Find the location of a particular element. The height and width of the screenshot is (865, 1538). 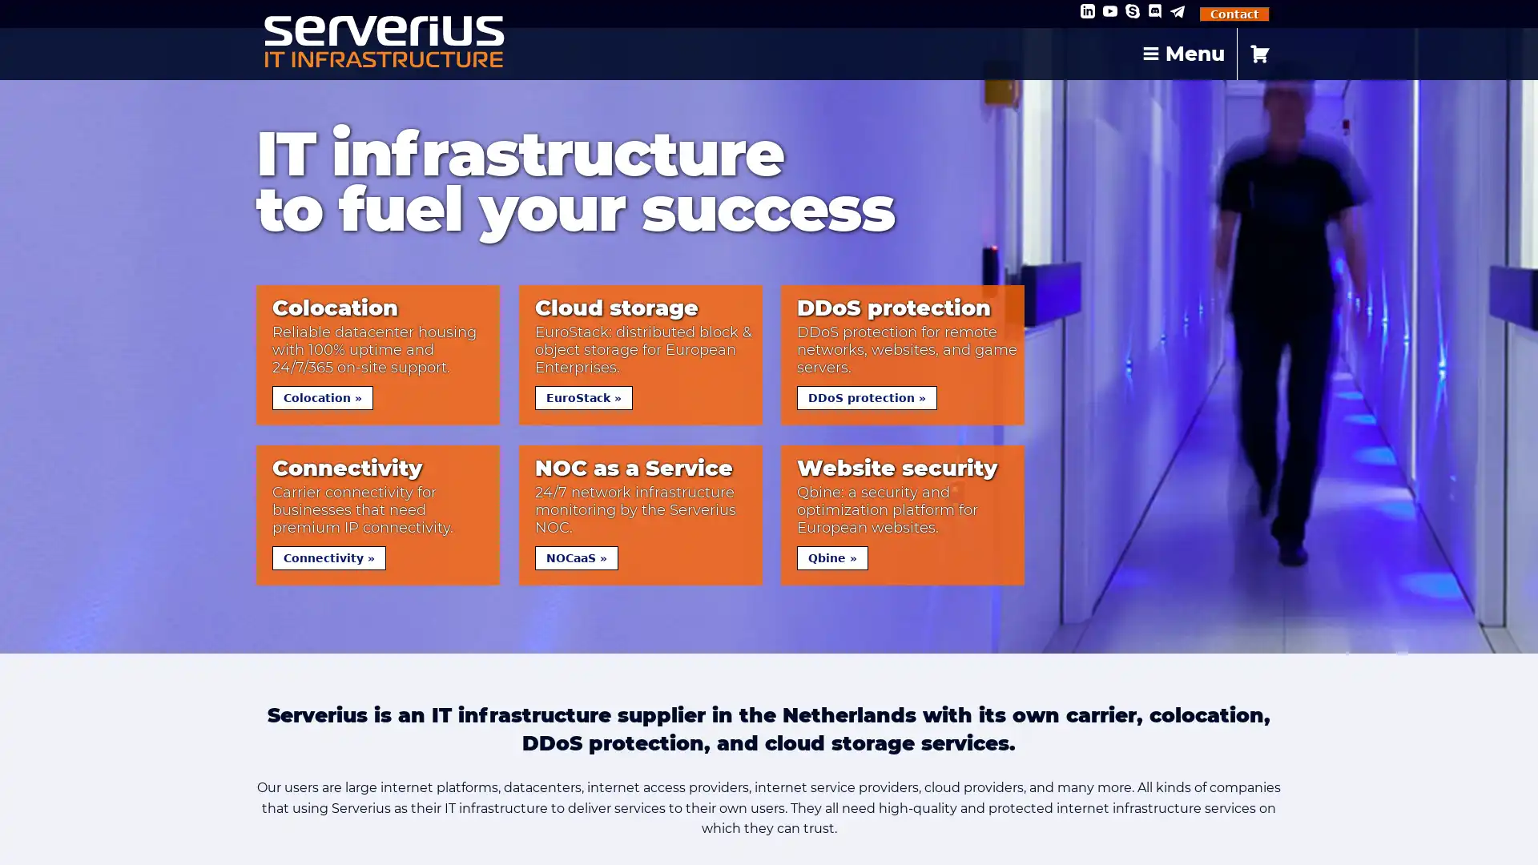

DDoS protection is located at coordinates (866, 396).